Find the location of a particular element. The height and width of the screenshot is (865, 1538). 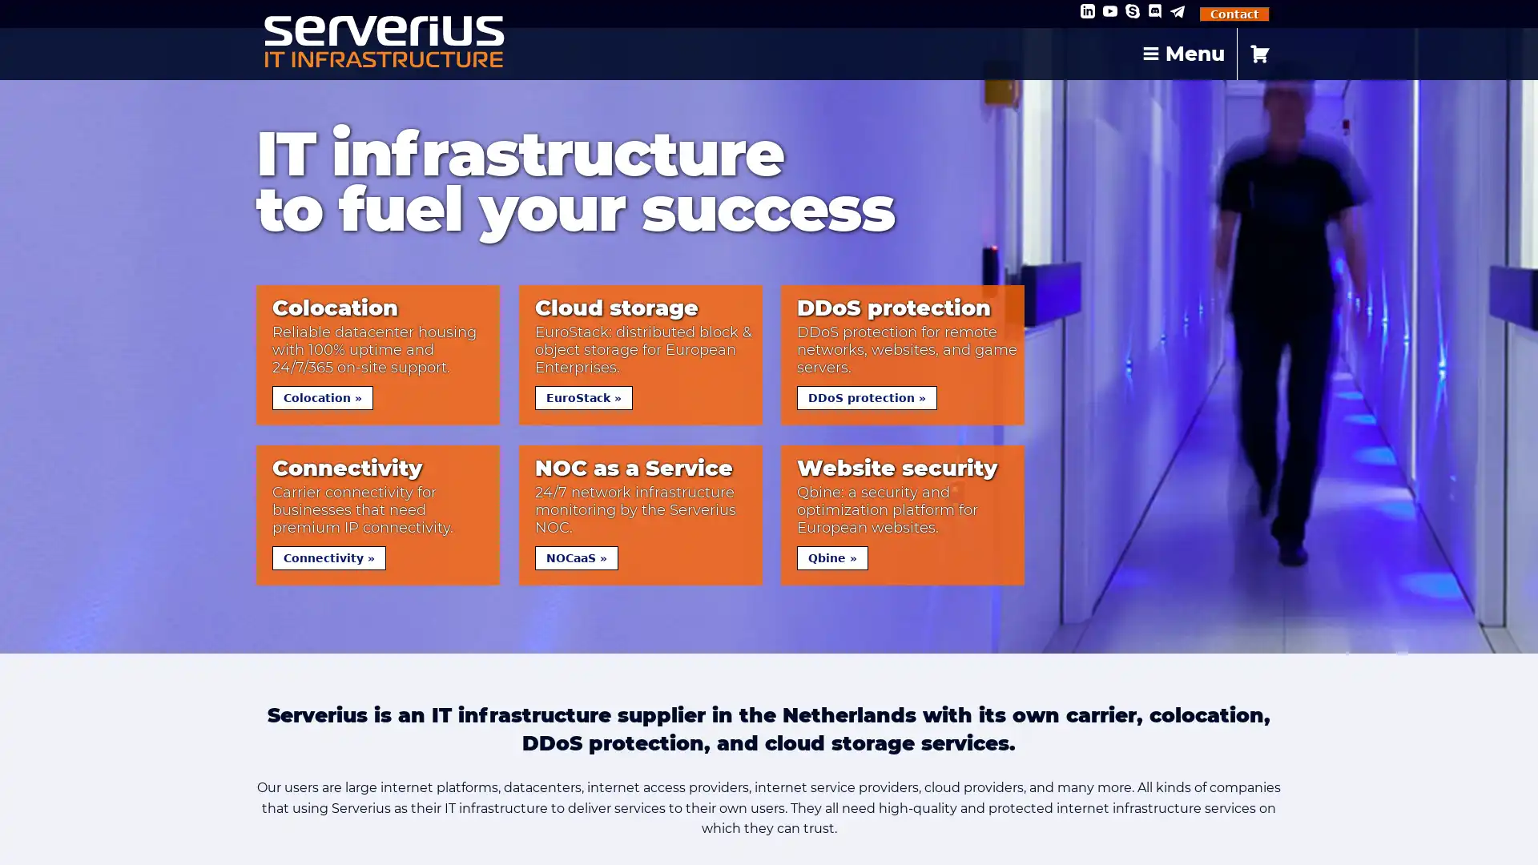

DDoS protection is located at coordinates (866, 396).